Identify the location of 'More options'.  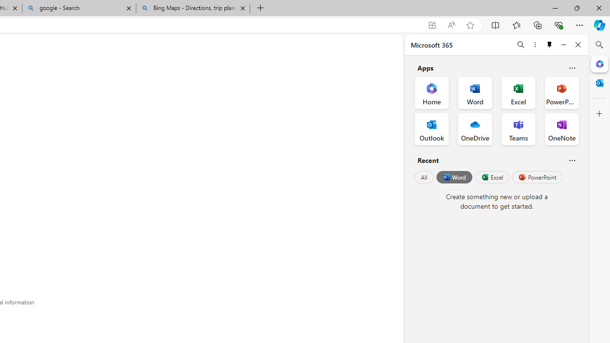
(535, 44).